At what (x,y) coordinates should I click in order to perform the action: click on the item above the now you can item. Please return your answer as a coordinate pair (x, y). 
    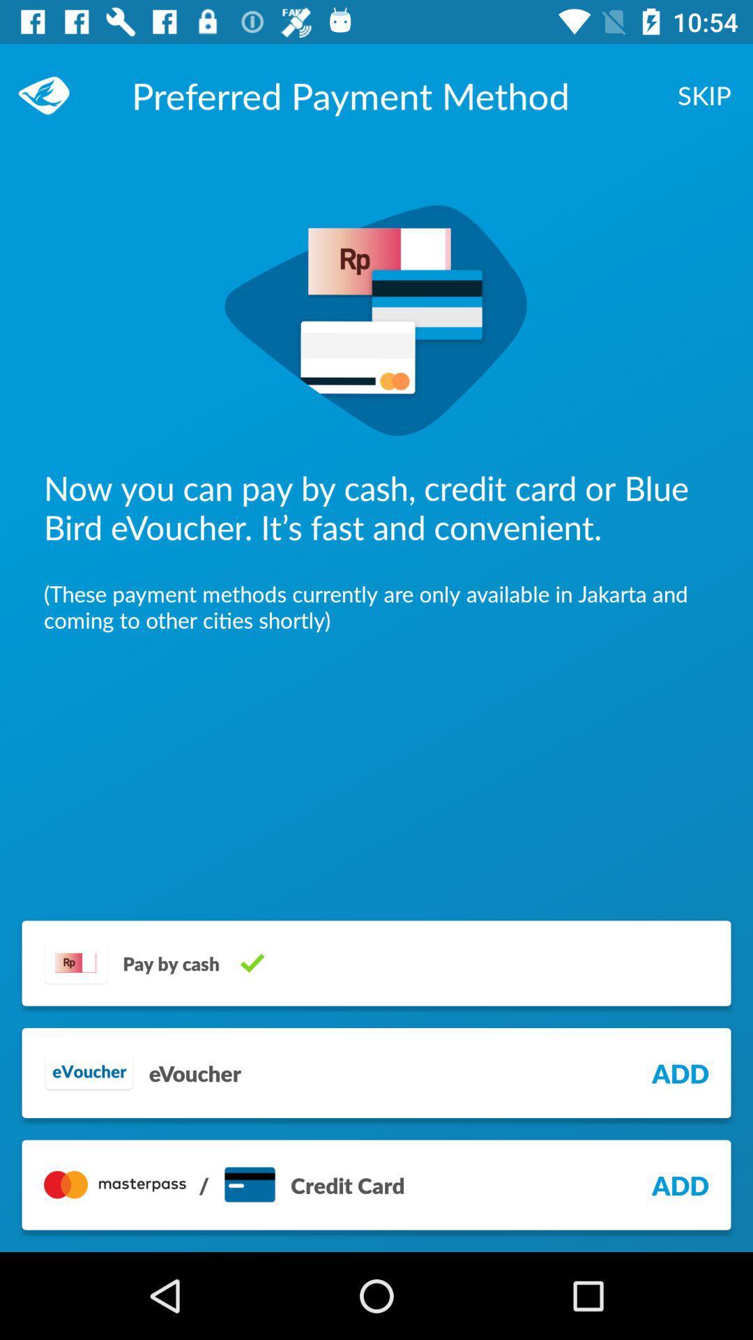
    Looking at the image, I should click on (50, 94).